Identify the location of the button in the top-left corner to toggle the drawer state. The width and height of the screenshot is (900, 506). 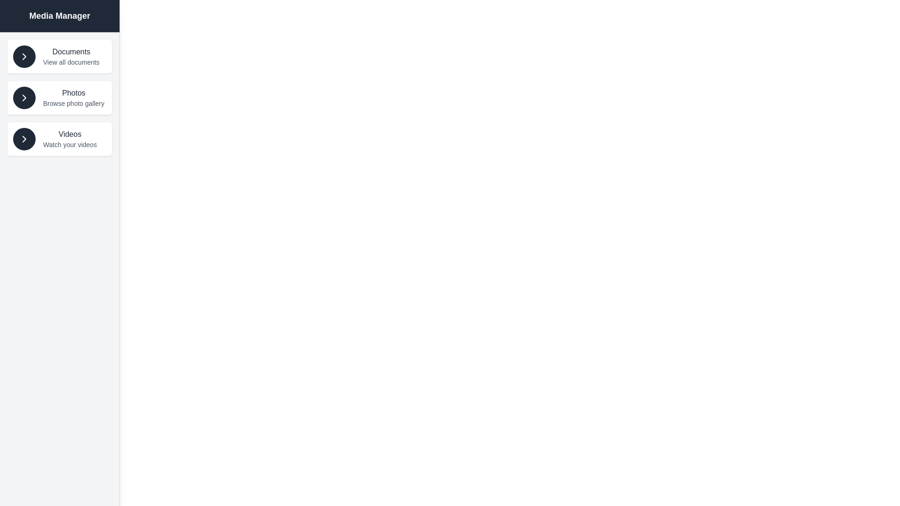
(18, 18).